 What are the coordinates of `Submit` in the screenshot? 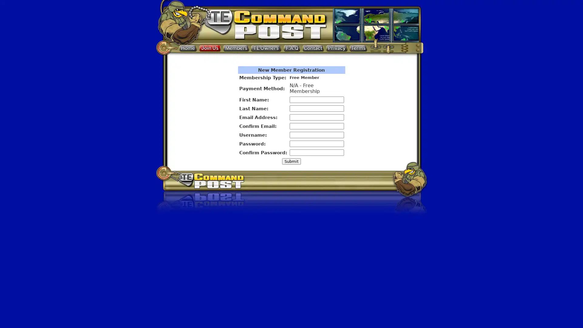 It's located at (291, 161).